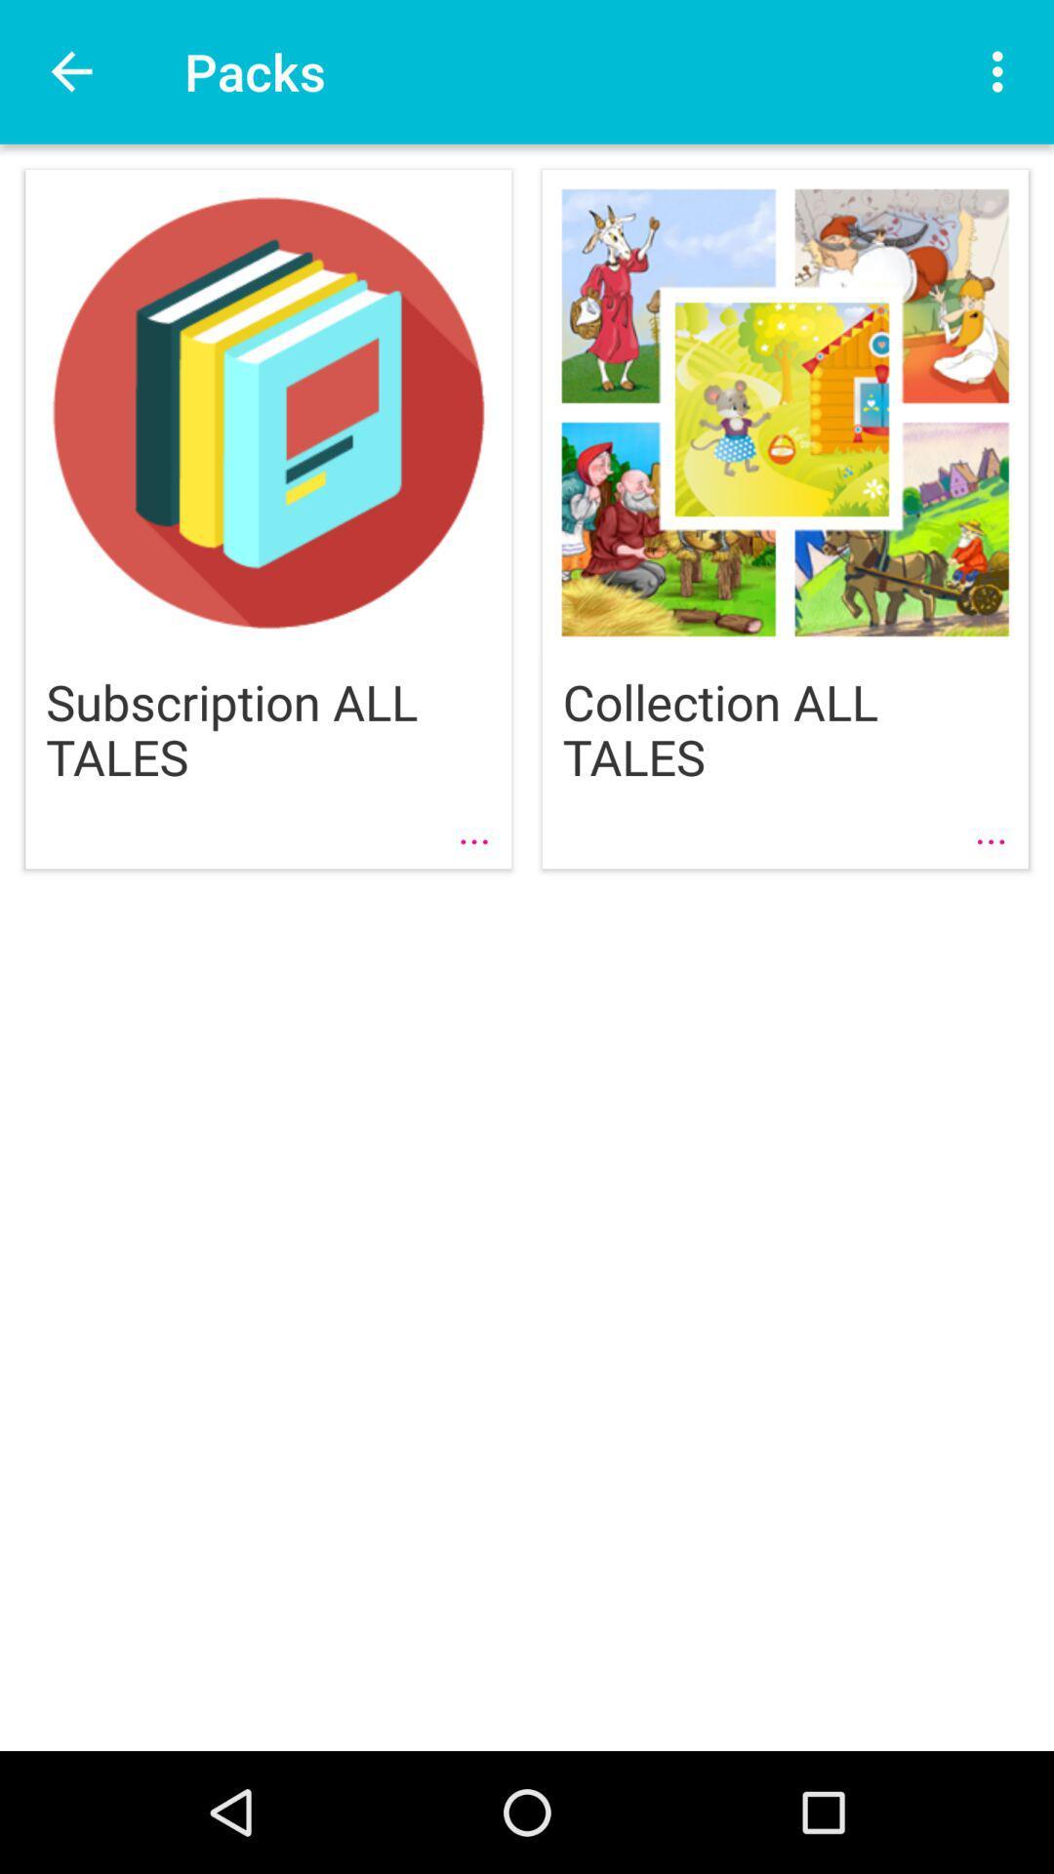  I want to click on the second image, so click(785, 519).